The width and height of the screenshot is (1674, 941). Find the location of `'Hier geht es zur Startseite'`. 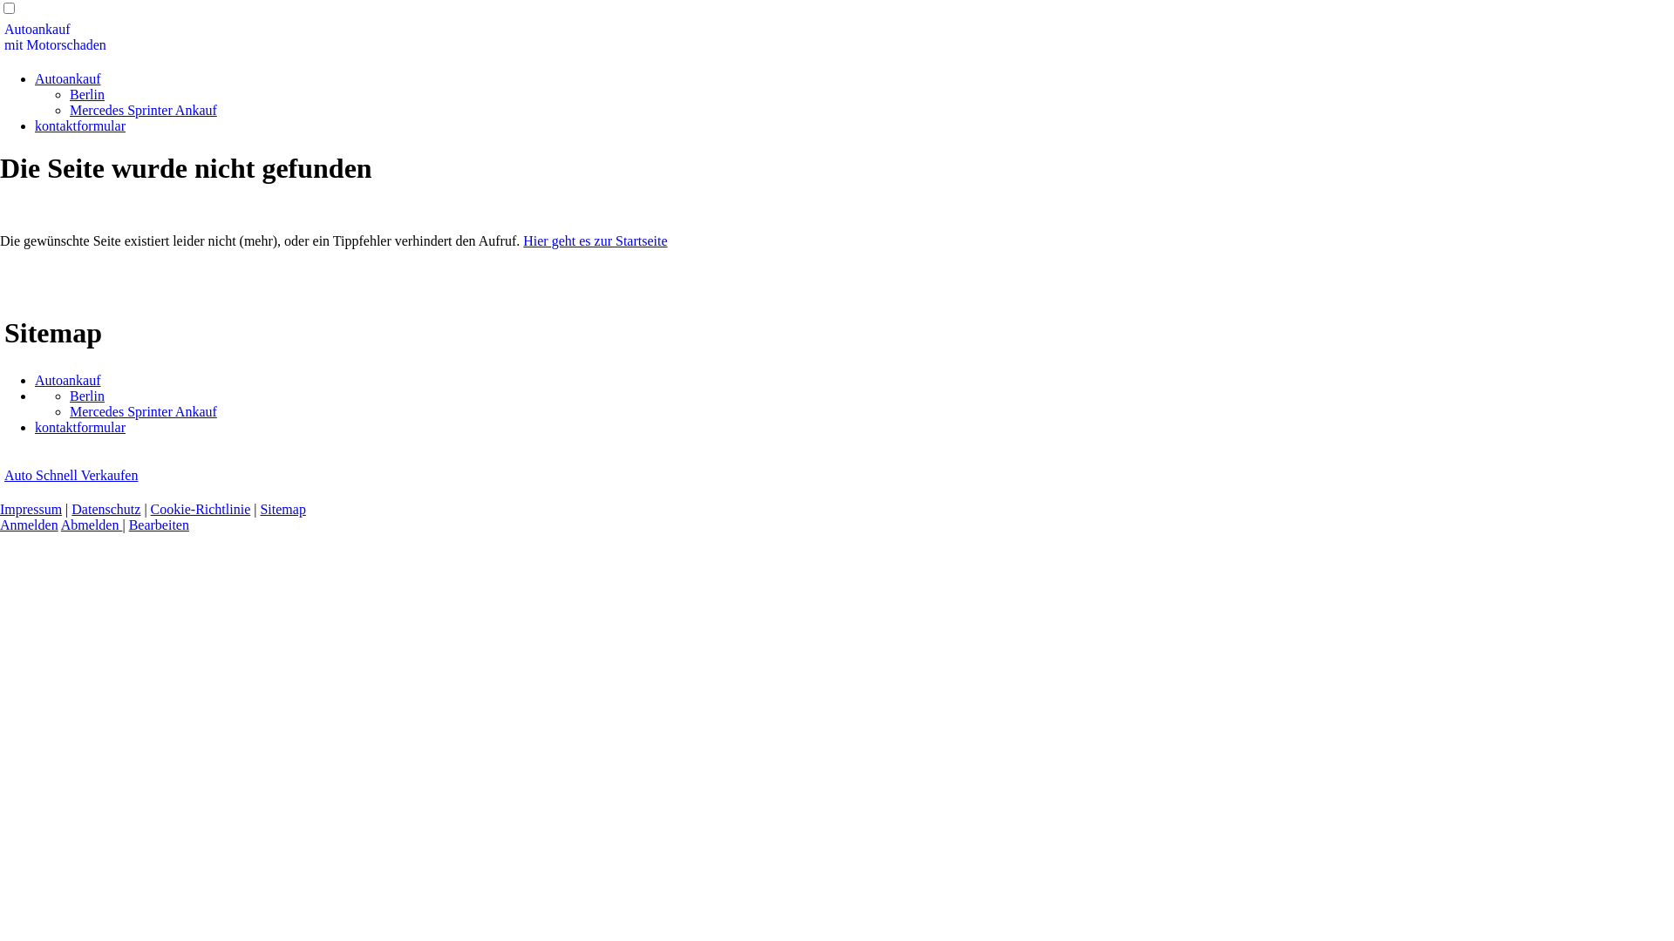

'Hier geht es zur Startseite' is located at coordinates (595, 240).